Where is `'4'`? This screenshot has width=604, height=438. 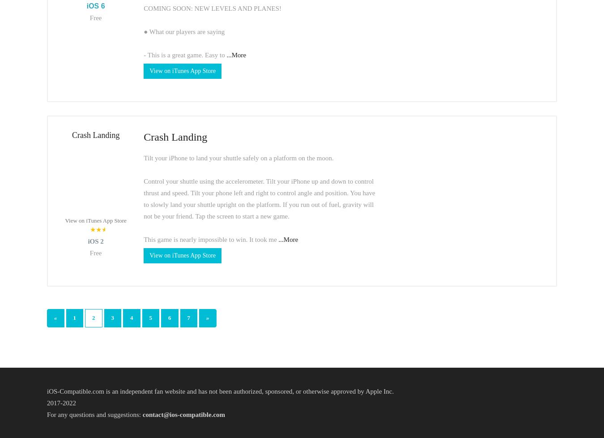 '4' is located at coordinates (131, 318).